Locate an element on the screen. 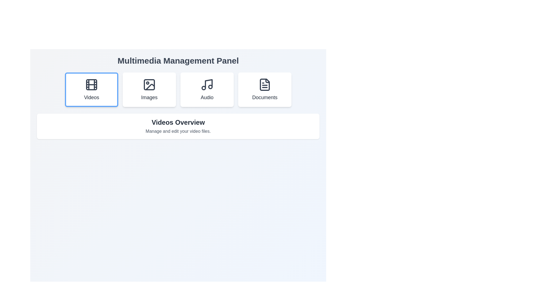 The width and height of the screenshot is (533, 300). the graphical icon (circle within an SVG) located in the middle-right of the musical note icon within the 'Audio' button is located at coordinates (210, 87).